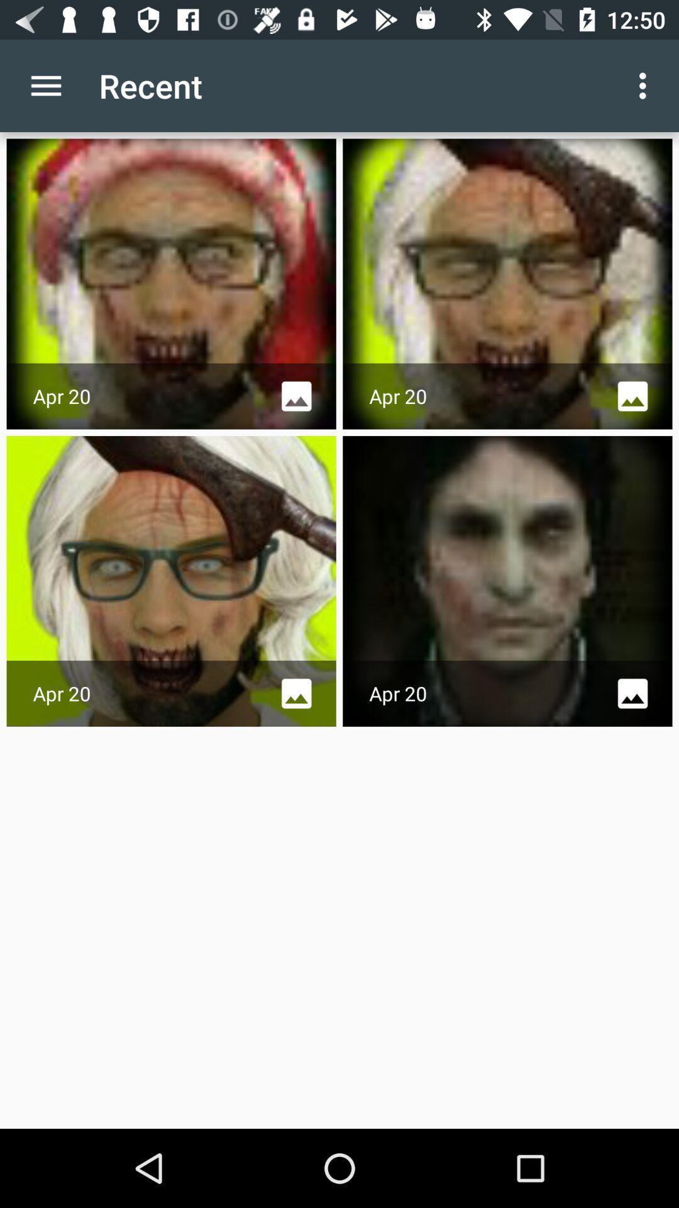  Describe the element at coordinates (646, 85) in the screenshot. I see `the icon next to recent` at that location.